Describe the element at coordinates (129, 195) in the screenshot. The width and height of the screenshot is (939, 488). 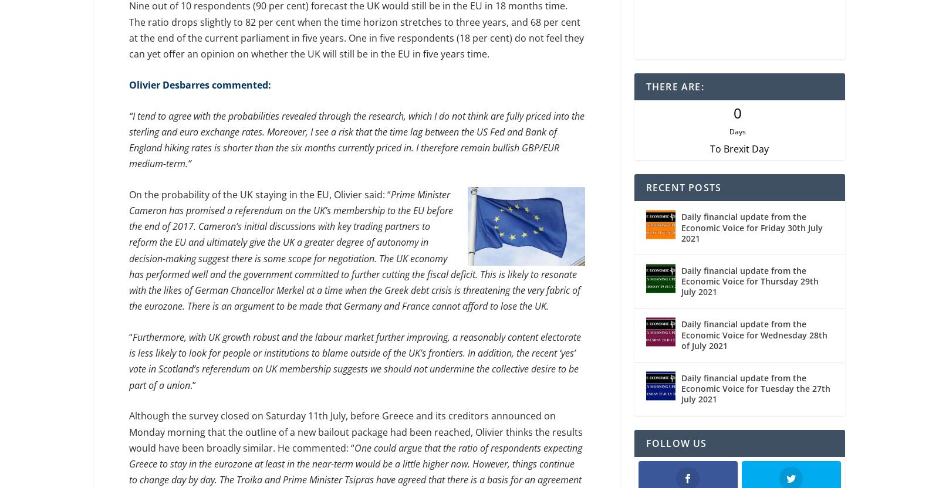
I see `'On the probability of the UK staying in the EU, Olivier said: “'` at that location.